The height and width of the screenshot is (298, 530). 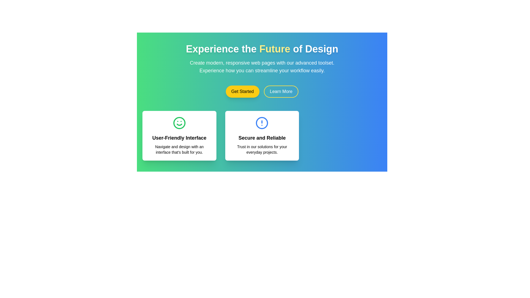 I want to click on circular blue outlined icon with an exclamation mark located in the card labeled 'Secure and Reliable' for additional information, so click(x=262, y=123).